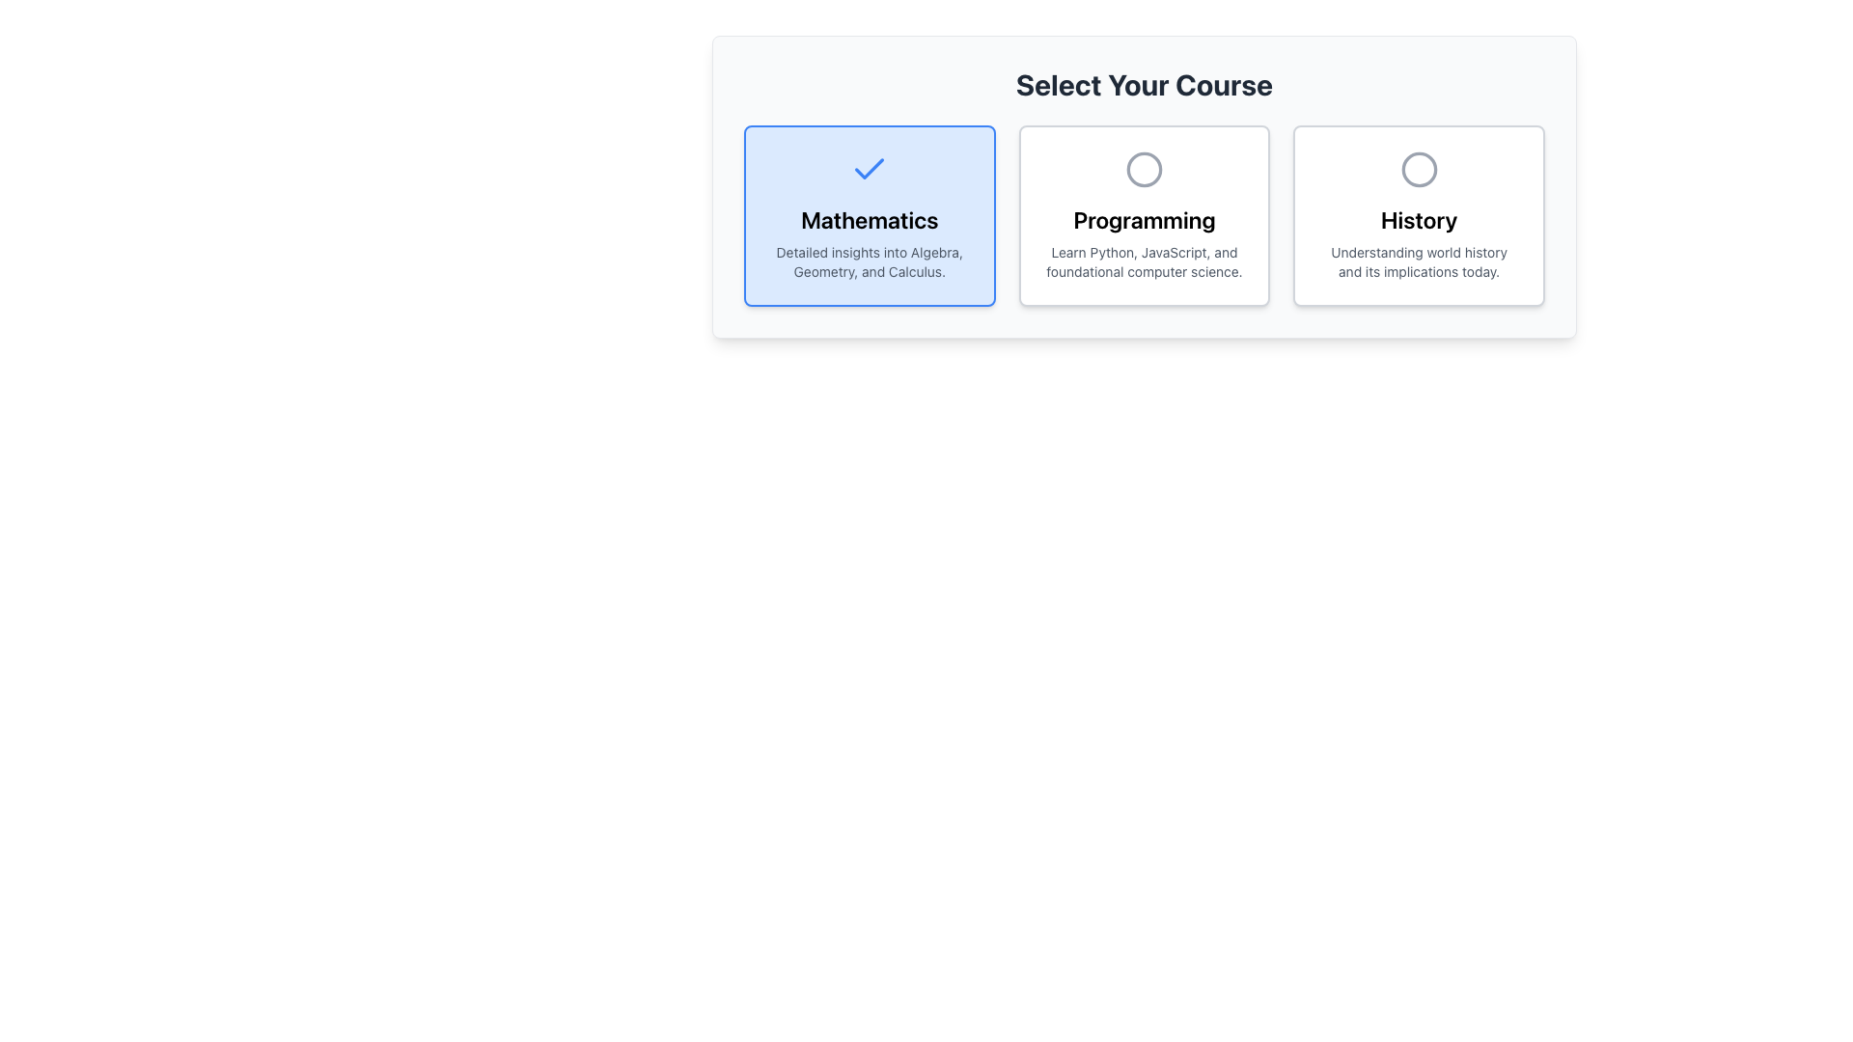  I want to click on the circular gray outlined icon located at the top-center of the 'History' card, which contains the title 'History' and the description 'Understanding world history and its implications today.', so click(1419, 169).